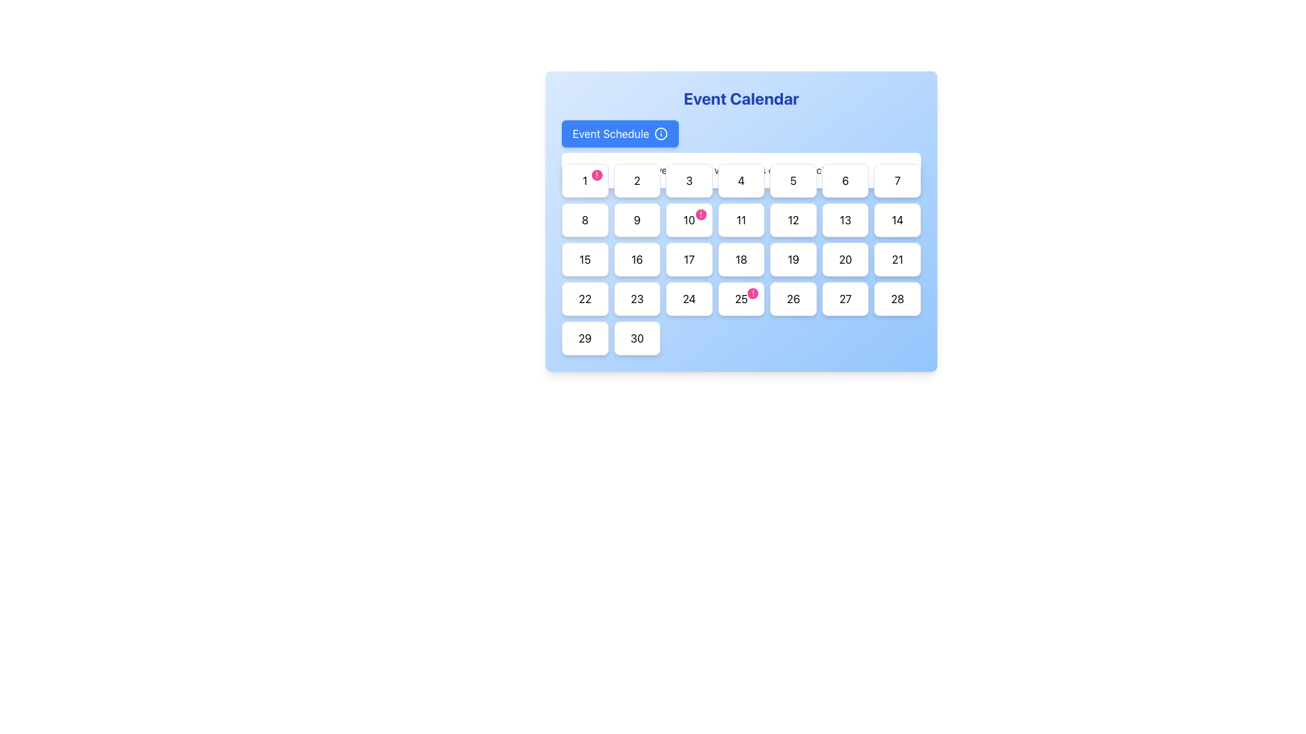  Describe the element at coordinates (661, 133) in the screenshot. I see `the information icon with a blue border and white background, located immediately to the right of the 'Event Schedule' text on the blue button` at that location.